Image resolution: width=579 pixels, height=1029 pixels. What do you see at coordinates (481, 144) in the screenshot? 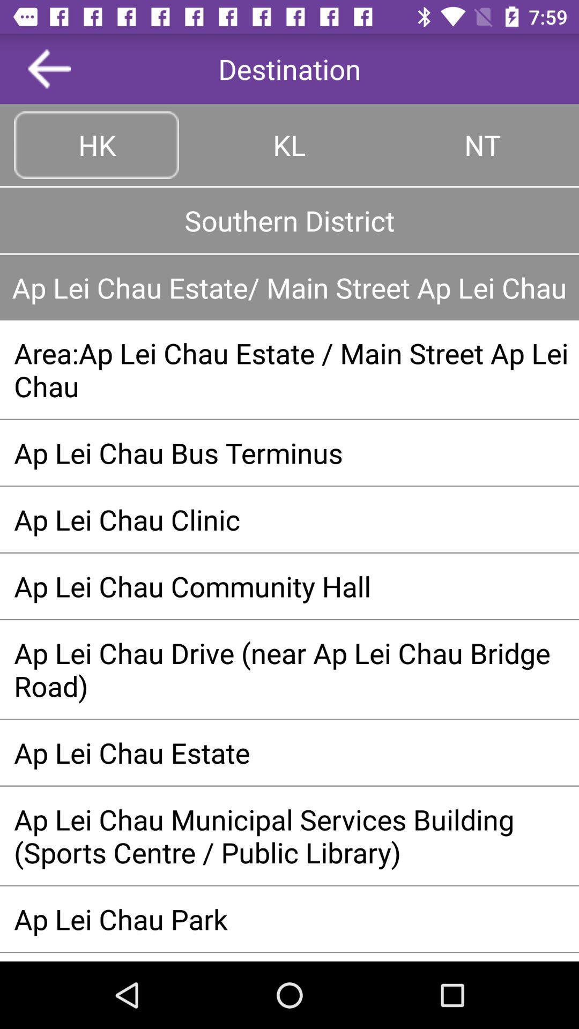
I see `item next to the kl item` at bounding box center [481, 144].